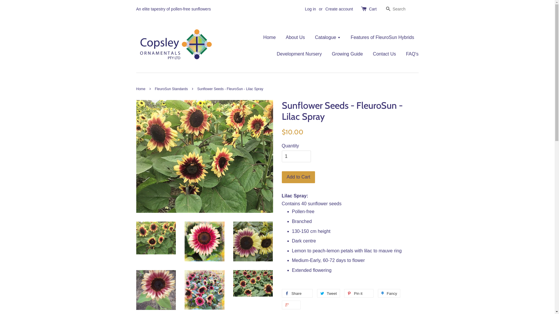  Describe the element at coordinates (171, 89) in the screenshot. I see `'FleuroSun Standards'` at that location.